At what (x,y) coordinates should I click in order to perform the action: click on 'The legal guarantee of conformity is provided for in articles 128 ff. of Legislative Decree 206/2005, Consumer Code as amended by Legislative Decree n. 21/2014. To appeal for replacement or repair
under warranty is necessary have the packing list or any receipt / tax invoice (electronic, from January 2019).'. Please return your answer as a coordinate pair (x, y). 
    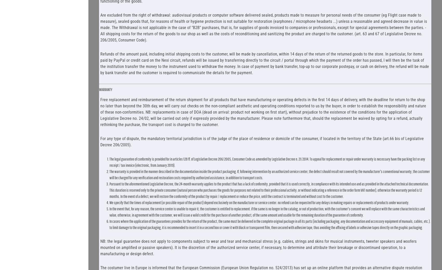
    Looking at the image, I should click on (266, 162).